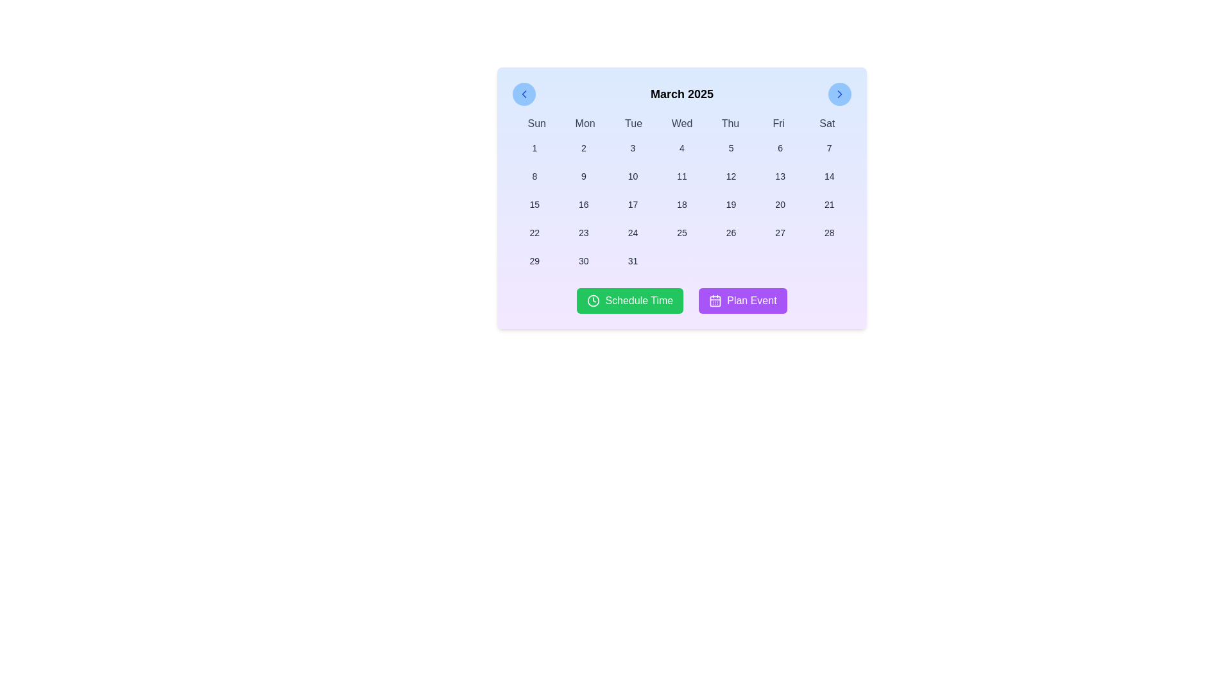 The width and height of the screenshot is (1232, 693). I want to click on the circular outline of the SVG shape representing the 'lucide-clock' icon, located just above the 'Schedule Time' button, so click(593, 301).